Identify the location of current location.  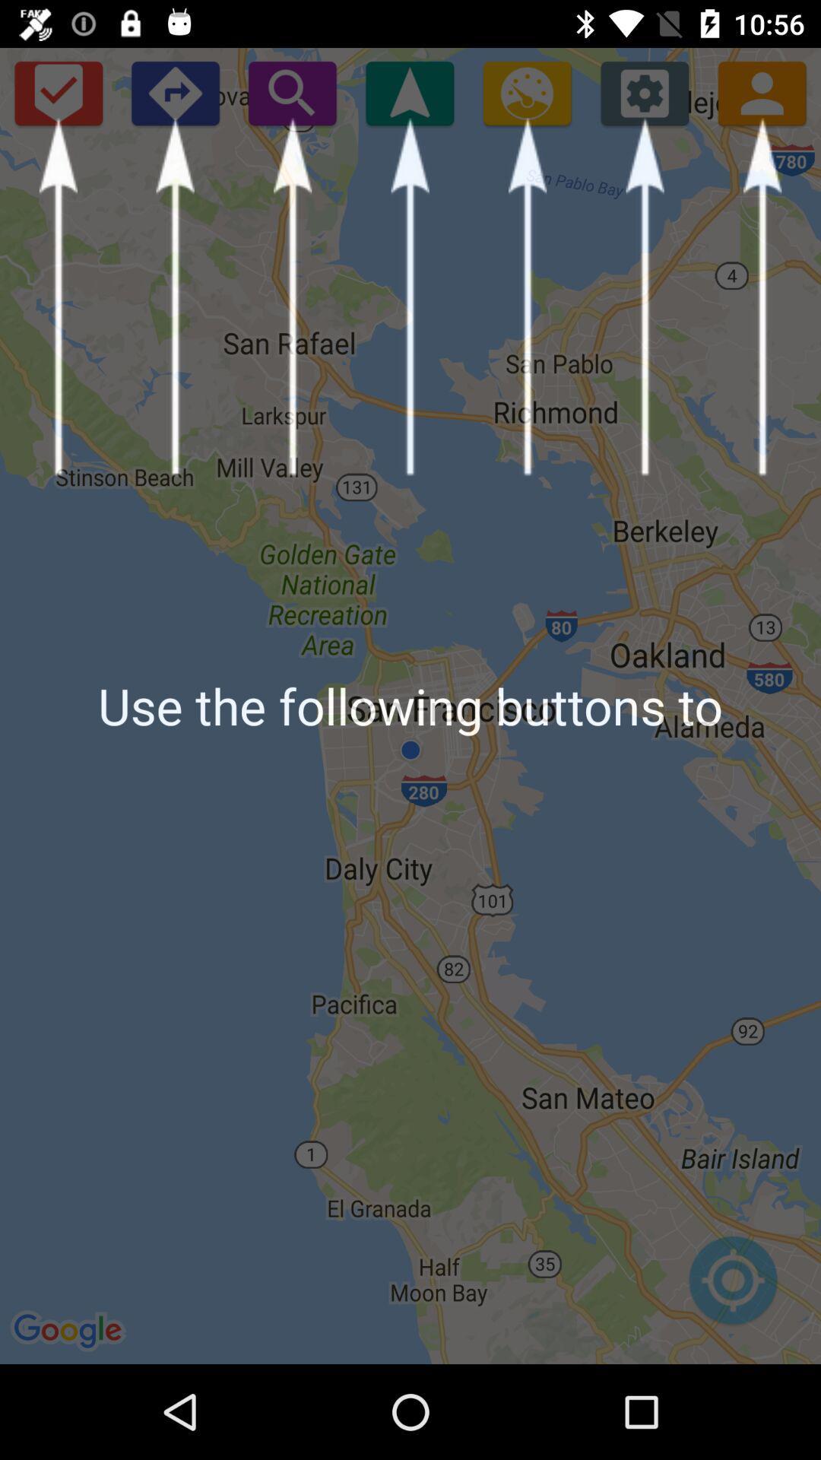
(732, 1287).